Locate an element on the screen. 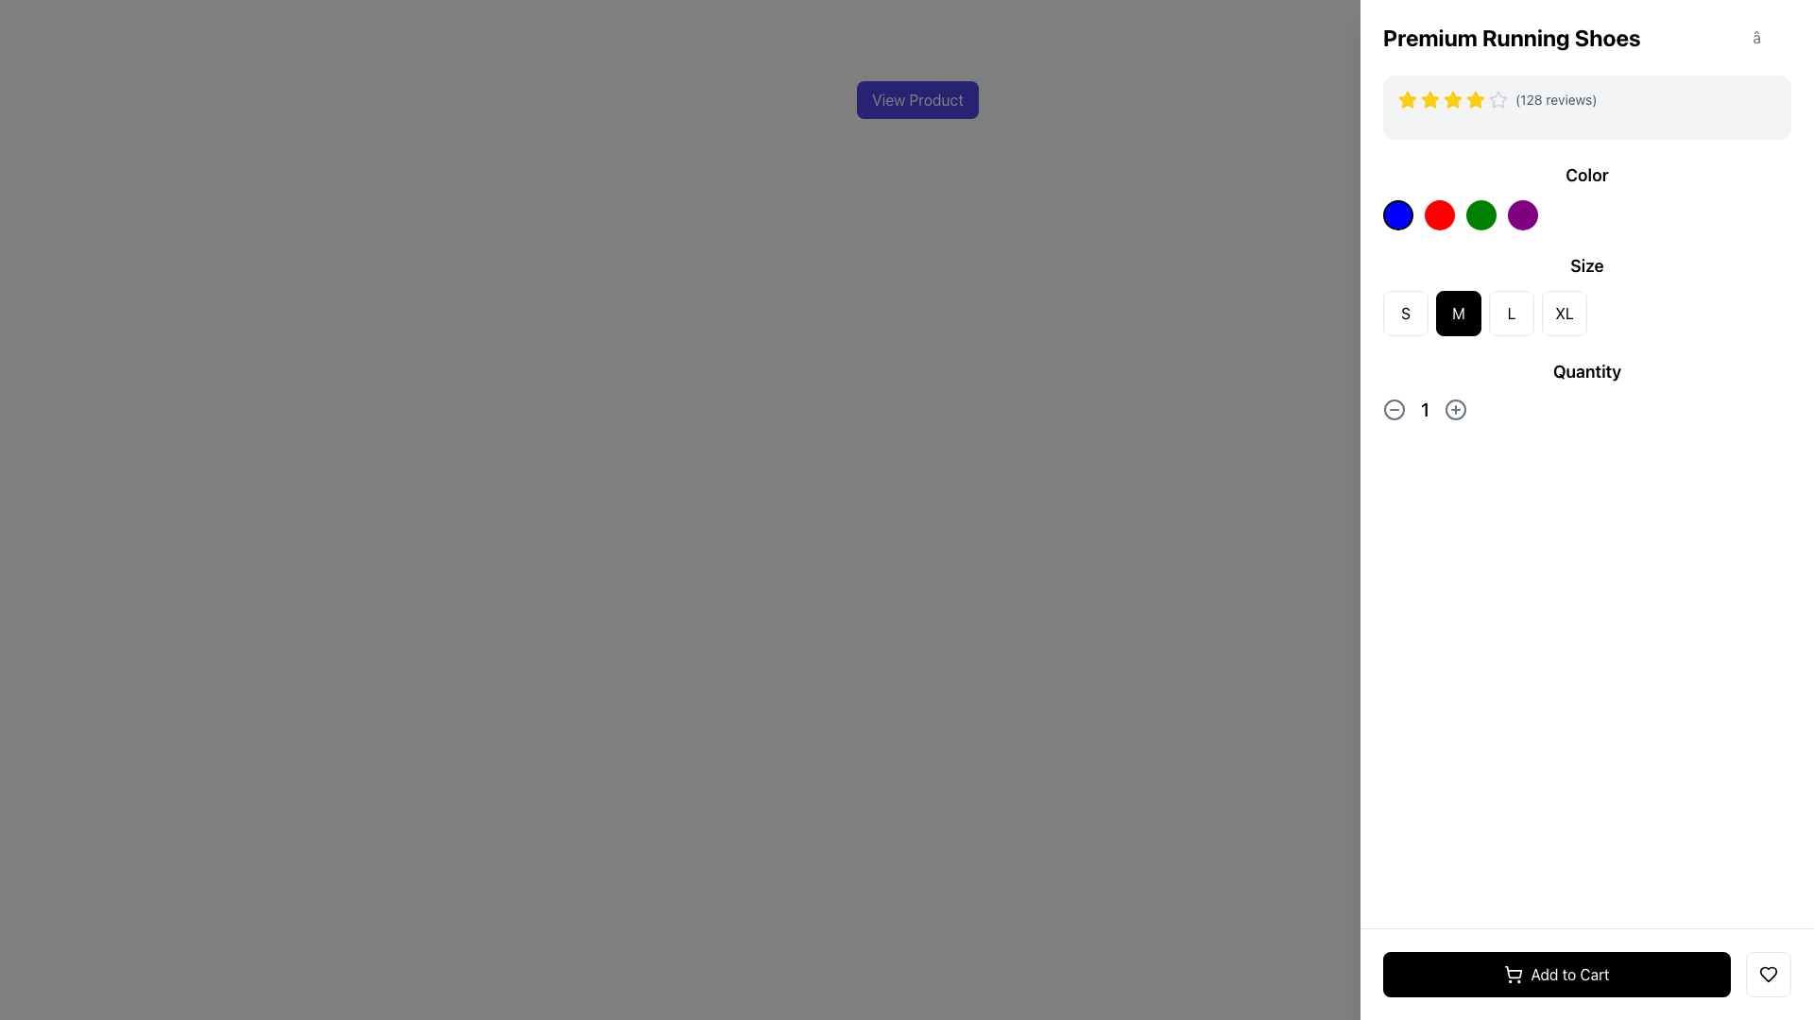  the 'View Product' button with a dark indigo background and white text, located in the 'Premium Running Shoes' section to observe hover effects is located at coordinates (917, 99).